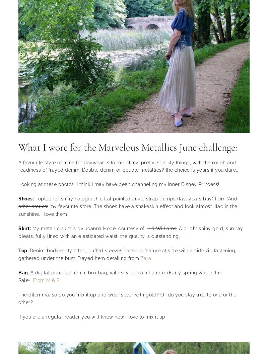  I want to click on 'A bright shiny gold, sun ray pleats, fully lined with an elasticated waist, the quality is outstanding.', so click(18, 232).